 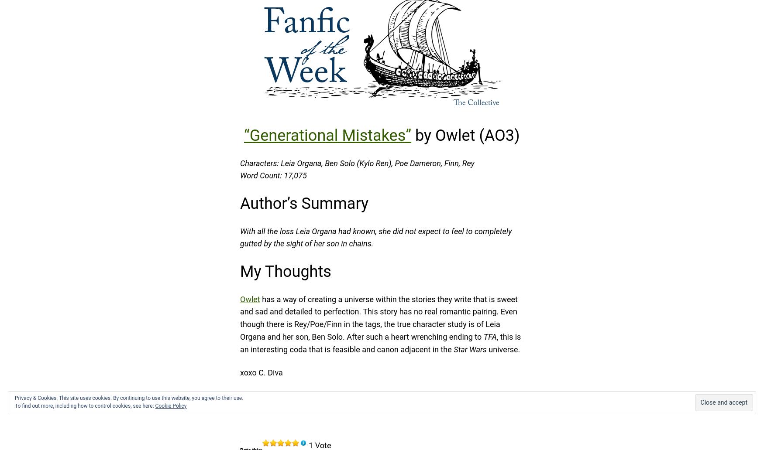 What do you see at coordinates (376, 237) in the screenshot?
I see `'With all the loss Leia Organa had known, she did not expect to feel to completely gutted by the sight of her son in chains.'` at bounding box center [376, 237].